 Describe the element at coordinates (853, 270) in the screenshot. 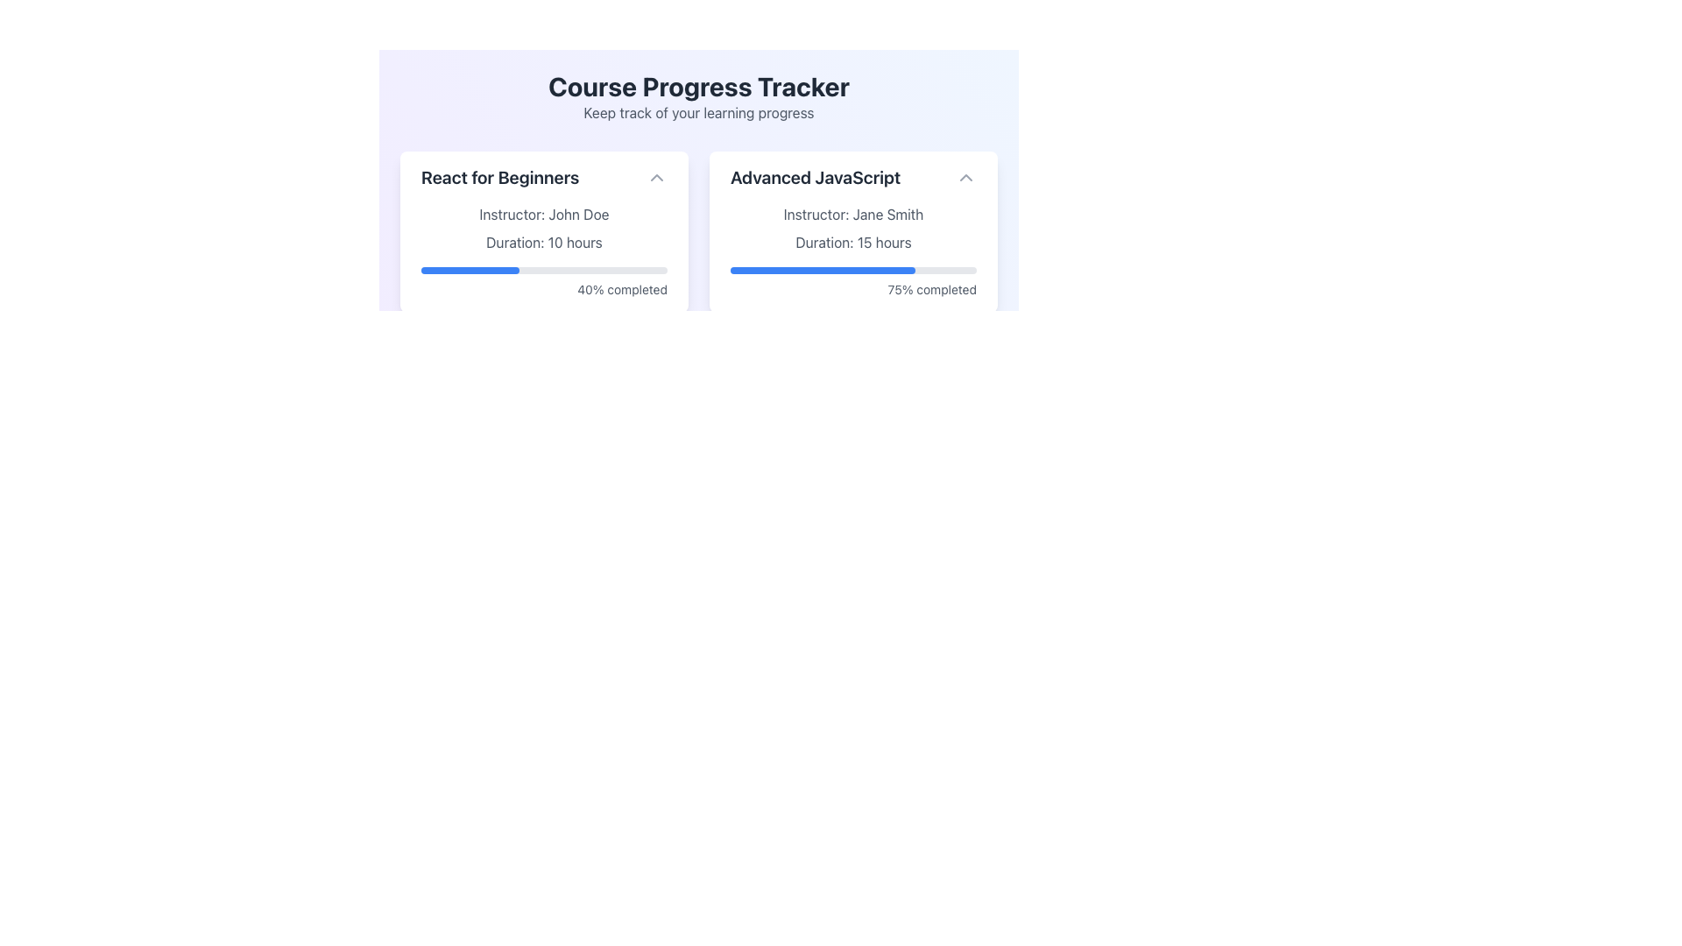

I see `the progress bar indicating 75% completion located within the 'Advanced JavaScript' card component, positioned between 'Duration: 15 hours' and '75% completed' texts` at that location.